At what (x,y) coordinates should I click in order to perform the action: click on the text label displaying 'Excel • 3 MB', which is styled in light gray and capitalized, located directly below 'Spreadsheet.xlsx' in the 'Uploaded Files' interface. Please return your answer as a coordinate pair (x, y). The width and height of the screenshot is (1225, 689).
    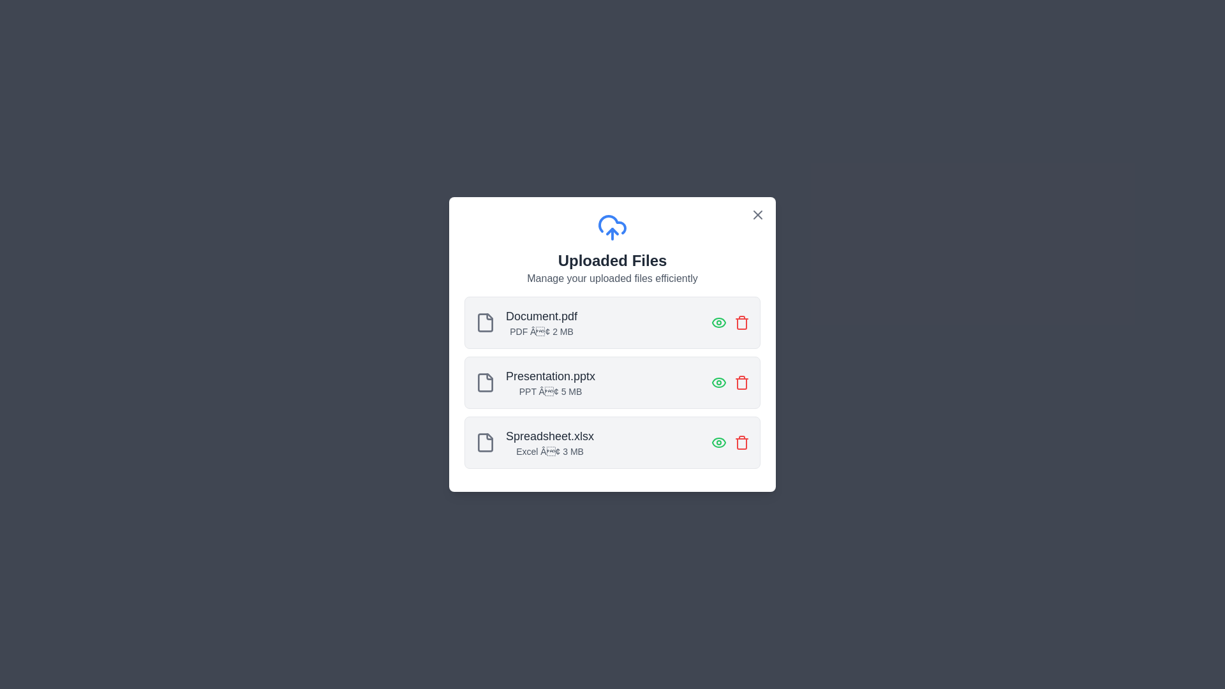
    Looking at the image, I should click on (550, 451).